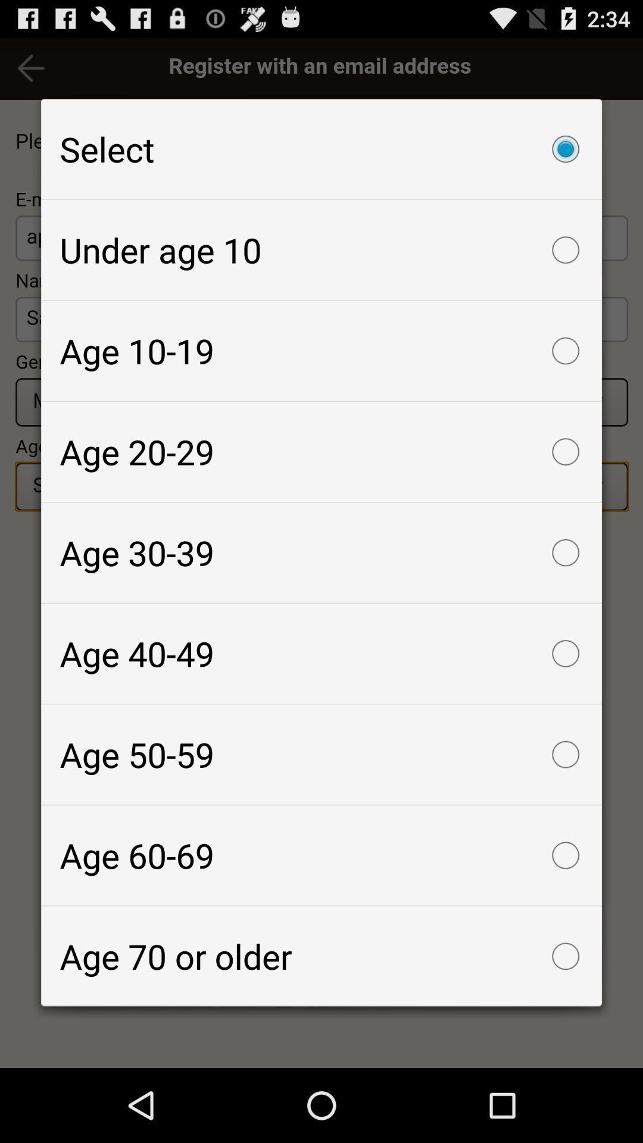 Image resolution: width=643 pixels, height=1143 pixels. What do you see at coordinates (321, 956) in the screenshot?
I see `icon below the age 60-69 checkbox` at bounding box center [321, 956].